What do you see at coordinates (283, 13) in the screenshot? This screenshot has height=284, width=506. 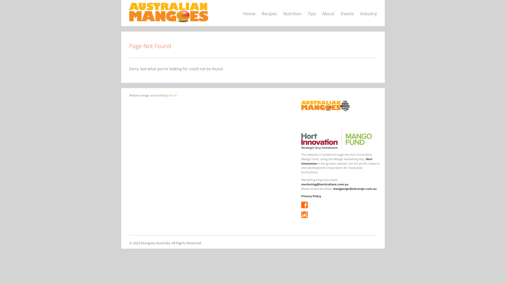 I see `'Nutrition'` at bounding box center [283, 13].